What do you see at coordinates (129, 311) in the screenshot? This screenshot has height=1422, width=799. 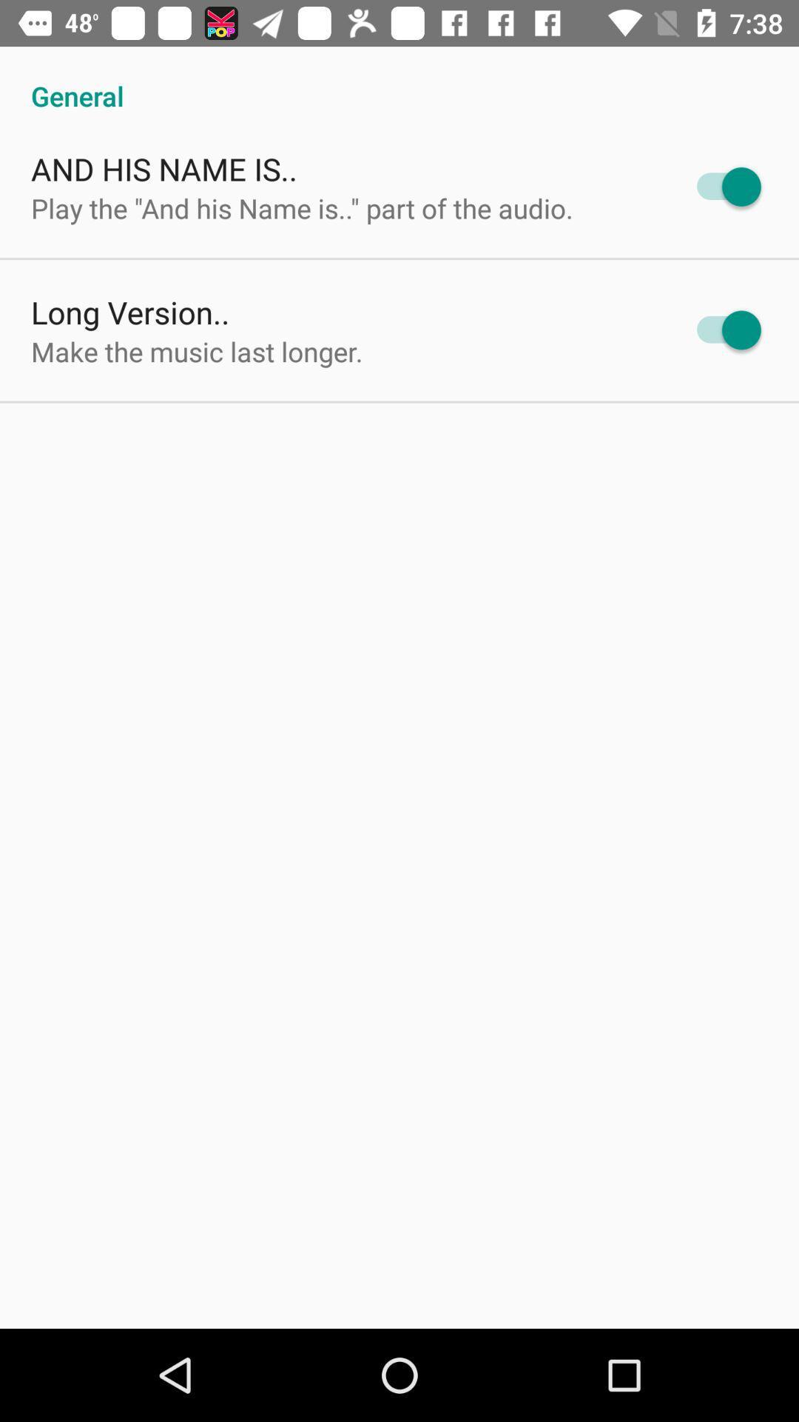 I see `the icon above the make the music item` at bounding box center [129, 311].